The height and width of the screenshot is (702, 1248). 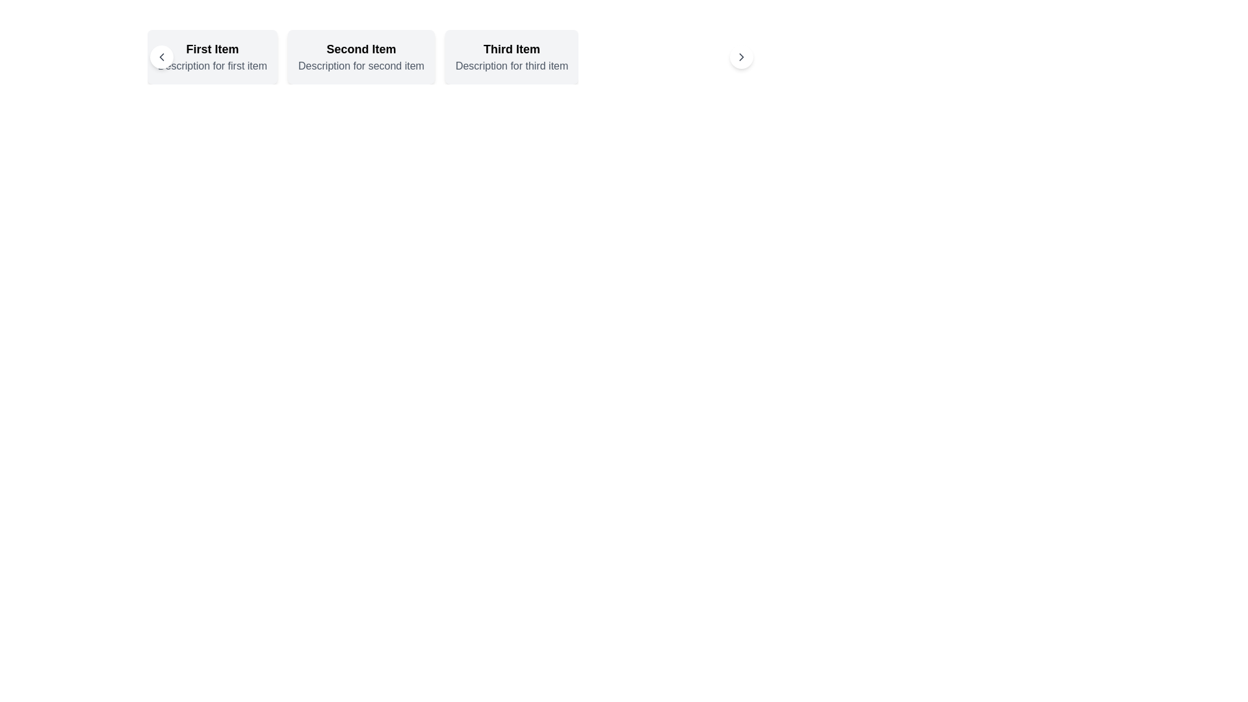 What do you see at coordinates (511, 66) in the screenshot?
I see `the text label displaying 'Description for third item' which is located beneath the title 'Third Item' in the third section of the horizontally aligned list` at bounding box center [511, 66].